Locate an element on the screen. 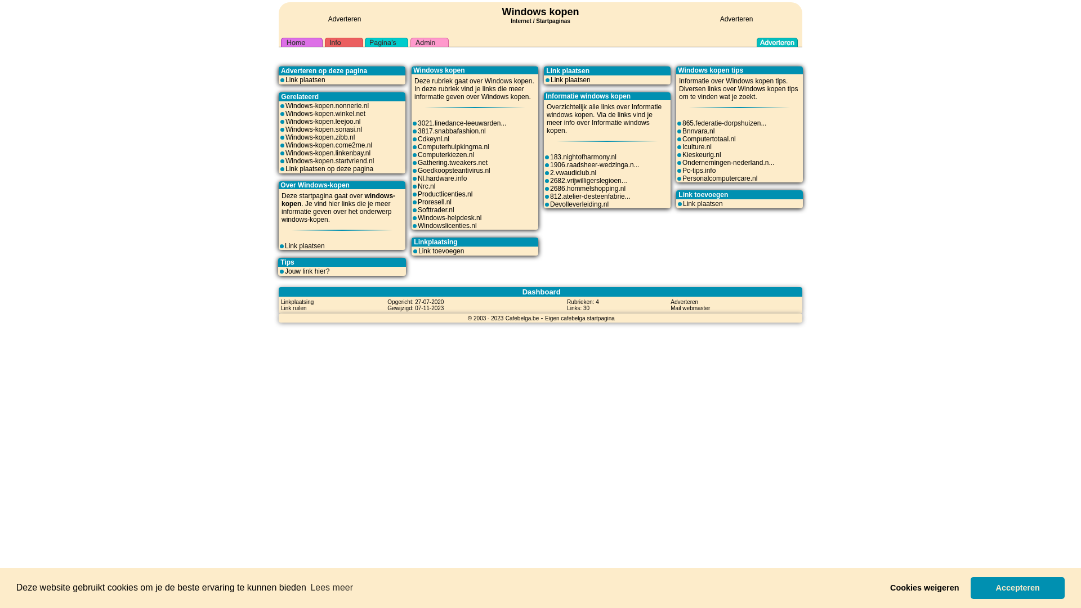 The height and width of the screenshot is (608, 1081). 'Adverteren' is located at coordinates (736, 19).